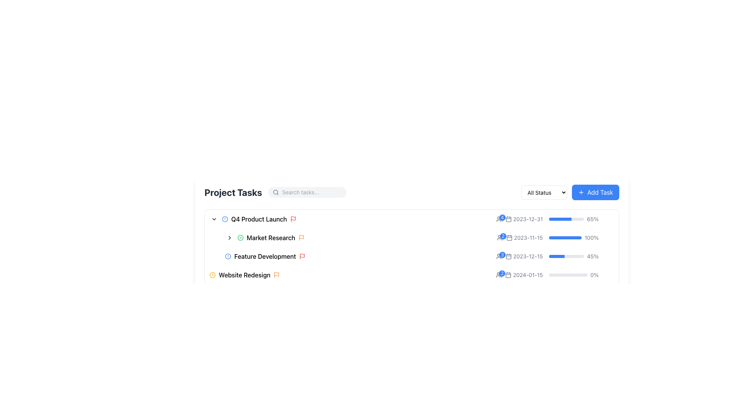 The height and width of the screenshot is (419, 745). Describe the element at coordinates (508, 256) in the screenshot. I see `the static calendar icon associated with the date '2023-12-15', which appears next to the date label and before other UI elements` at that location.